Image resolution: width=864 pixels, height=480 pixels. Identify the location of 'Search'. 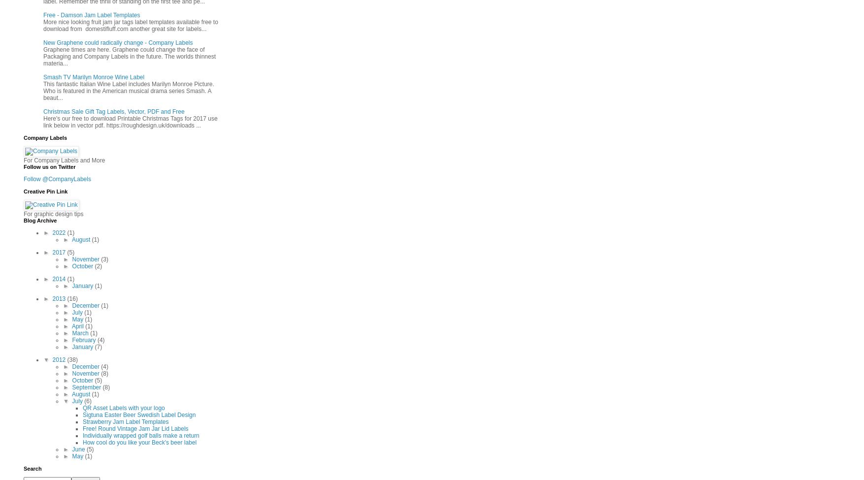
(32, 468).